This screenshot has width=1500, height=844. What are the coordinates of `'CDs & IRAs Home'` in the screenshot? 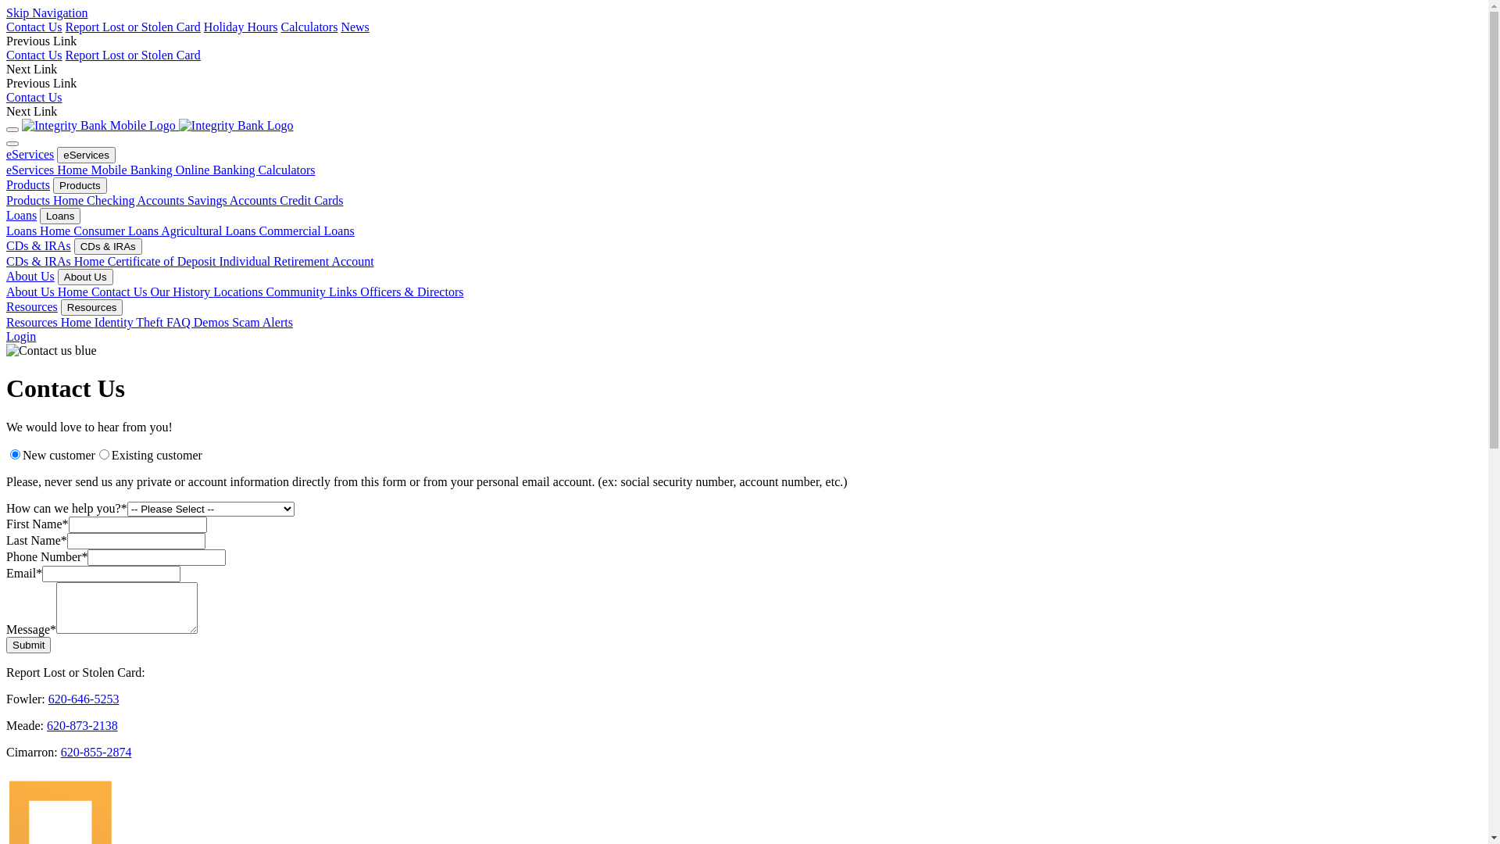 It's located at (56, 260).